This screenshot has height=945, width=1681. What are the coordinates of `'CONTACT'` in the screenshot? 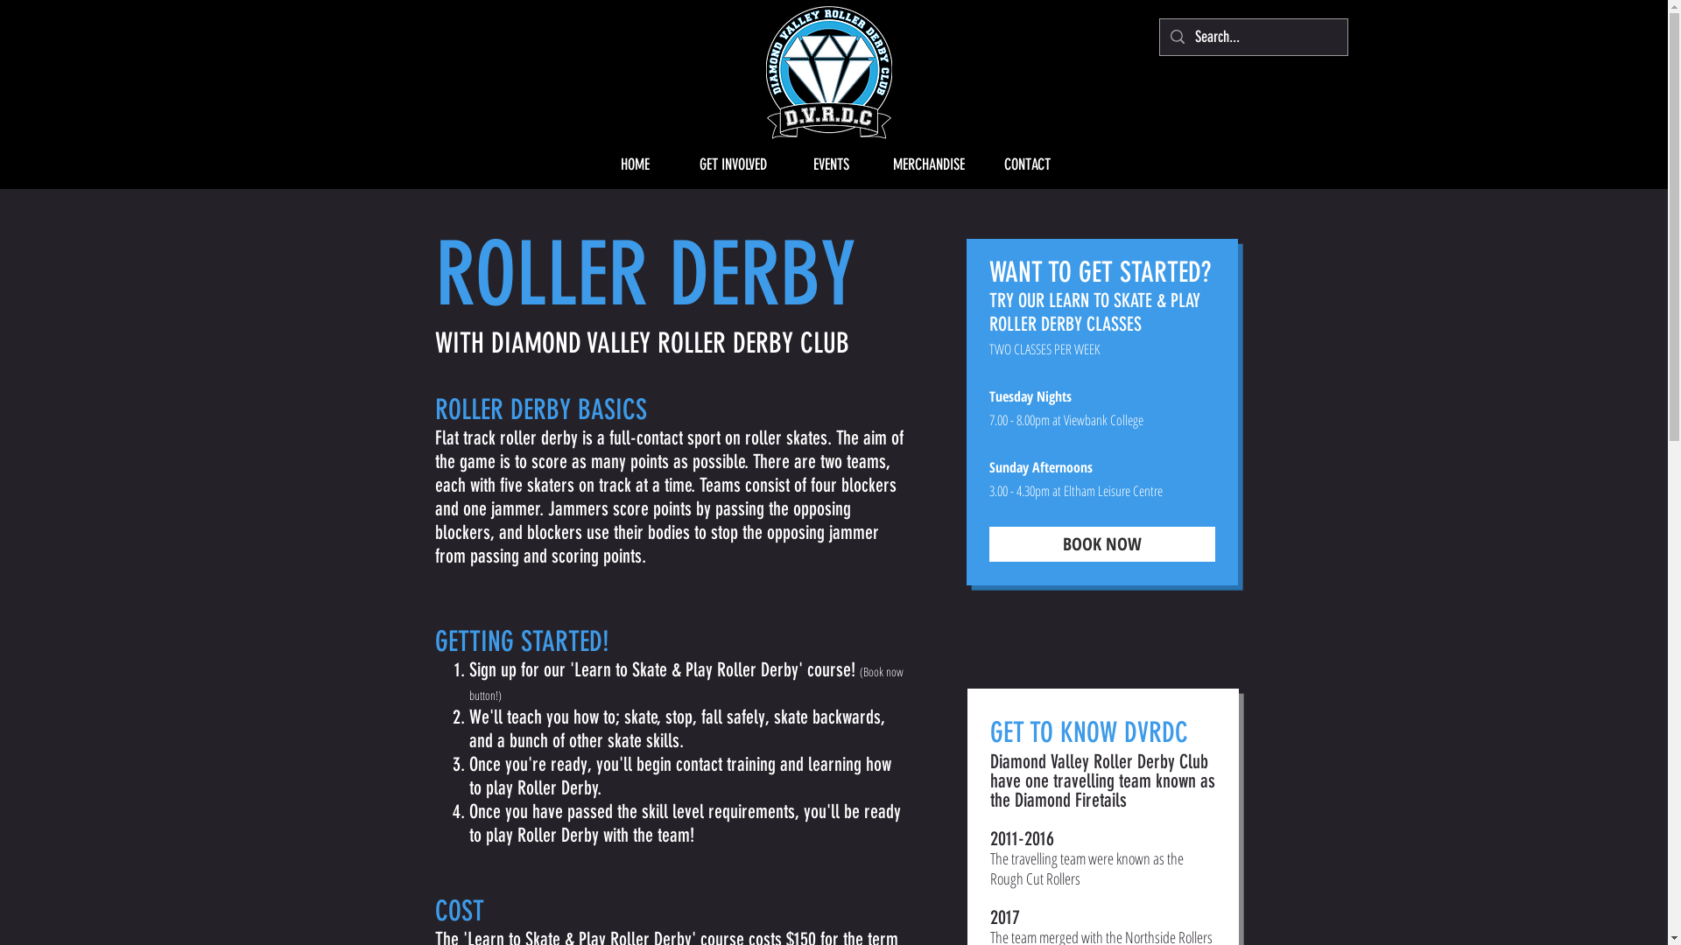 It's located at (977, 164).